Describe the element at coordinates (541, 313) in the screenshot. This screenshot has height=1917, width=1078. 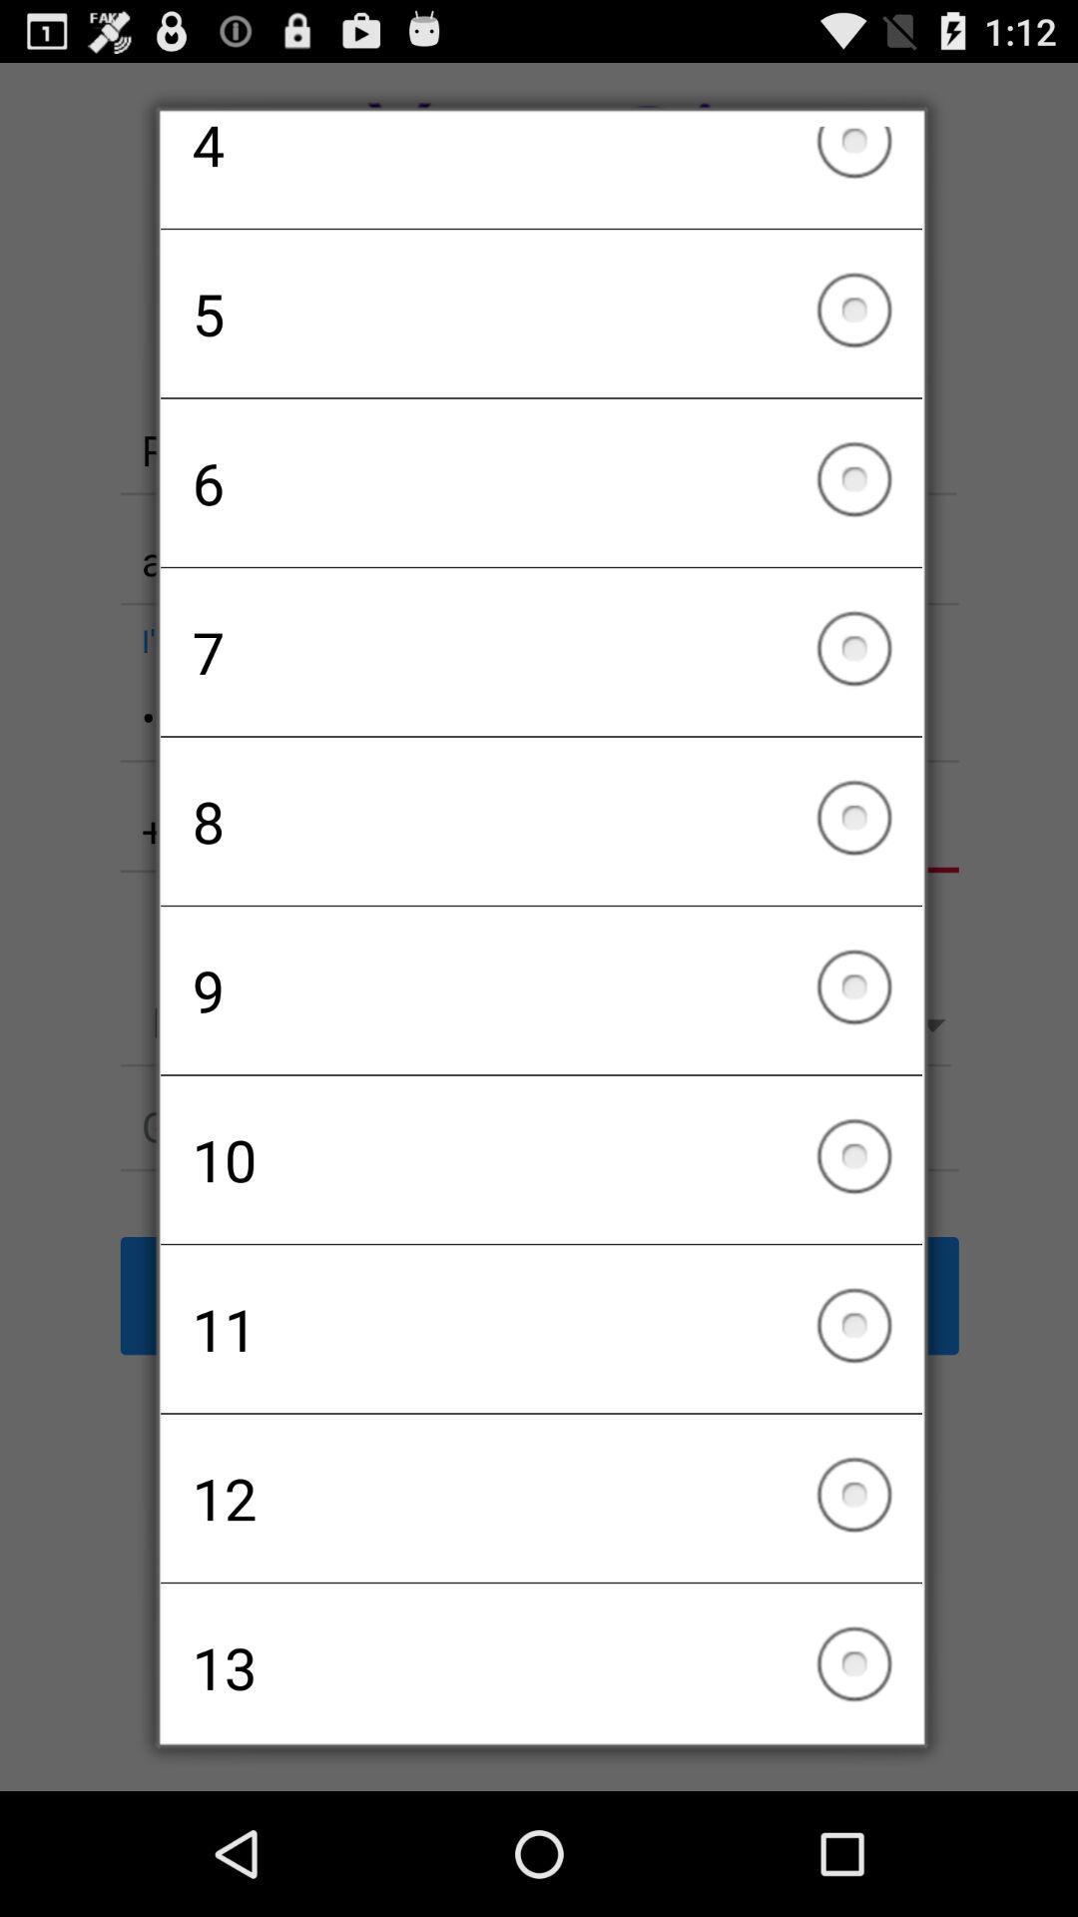
I see `checkbox above the 6` at that location.